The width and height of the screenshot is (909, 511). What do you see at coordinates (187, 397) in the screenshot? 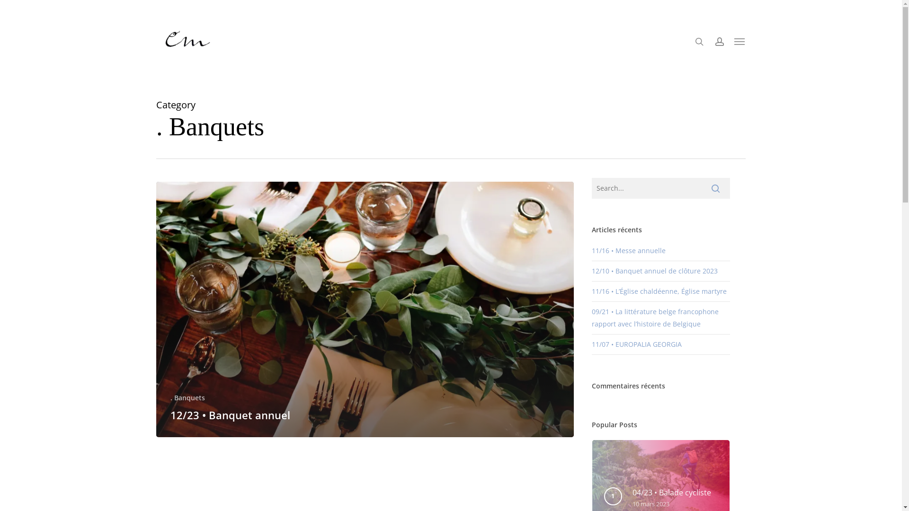
I see `'. Banquets'` at bounding box center [187, 397].